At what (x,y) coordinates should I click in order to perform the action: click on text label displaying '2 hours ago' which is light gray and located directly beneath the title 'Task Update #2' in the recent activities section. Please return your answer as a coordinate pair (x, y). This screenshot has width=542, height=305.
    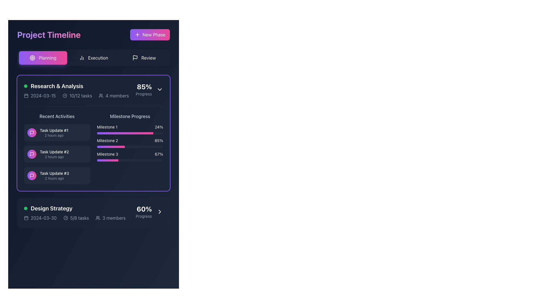
    Looking at the image, I should click on (54, 157).